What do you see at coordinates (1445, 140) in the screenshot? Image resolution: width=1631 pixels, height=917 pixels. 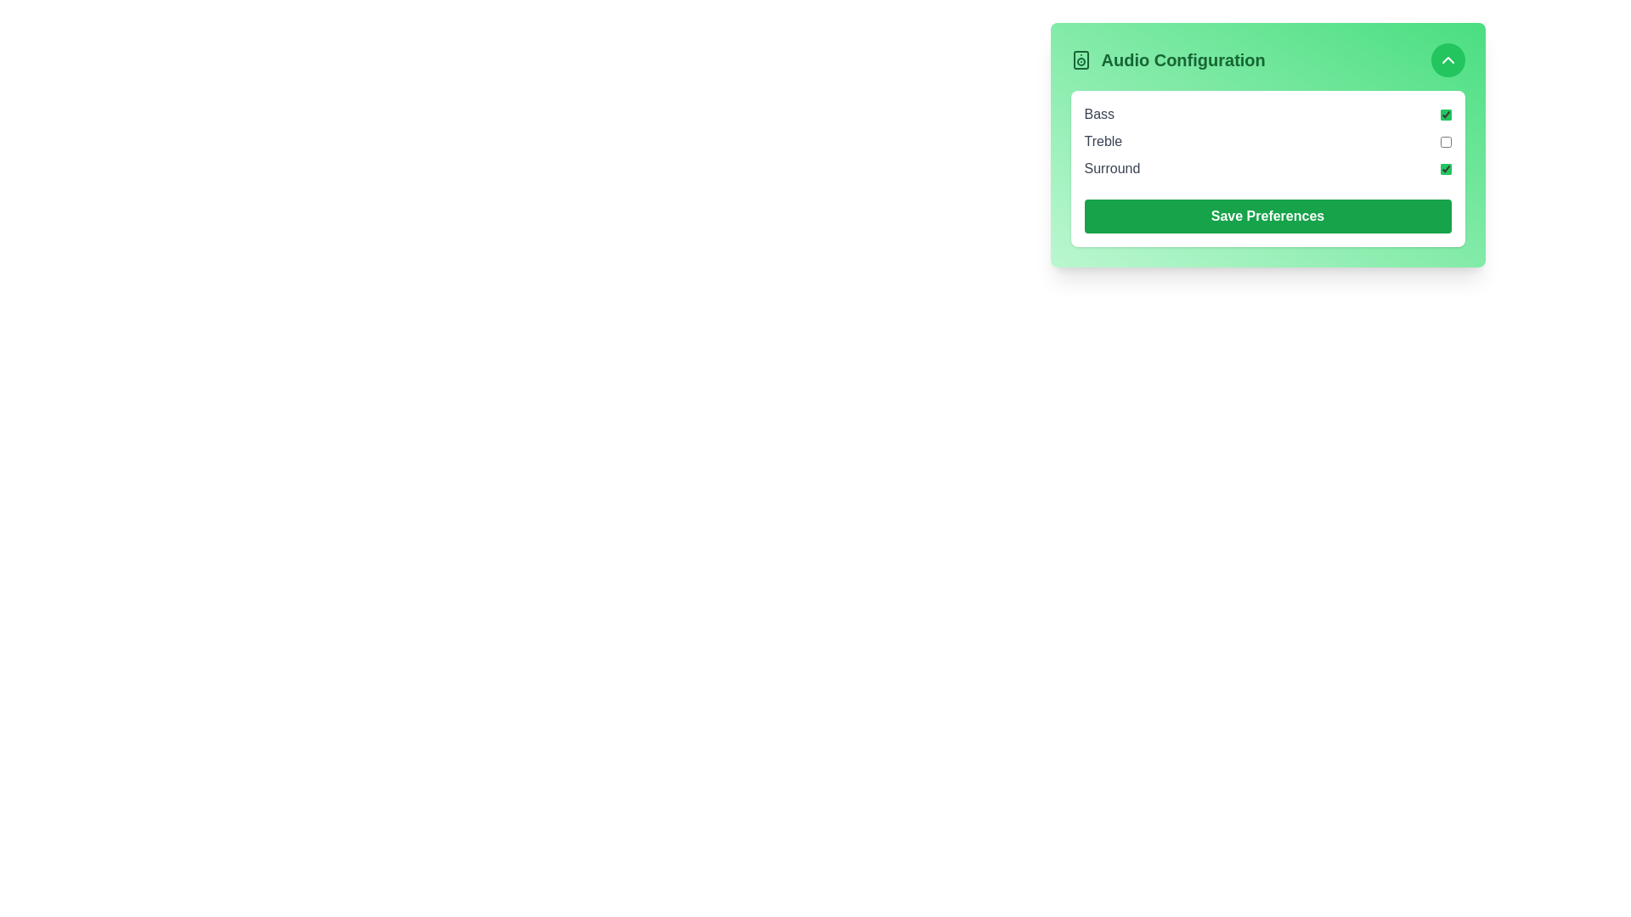 I see `the 'Treble' audio setting checkbox` at bounding box center [1445, 140].